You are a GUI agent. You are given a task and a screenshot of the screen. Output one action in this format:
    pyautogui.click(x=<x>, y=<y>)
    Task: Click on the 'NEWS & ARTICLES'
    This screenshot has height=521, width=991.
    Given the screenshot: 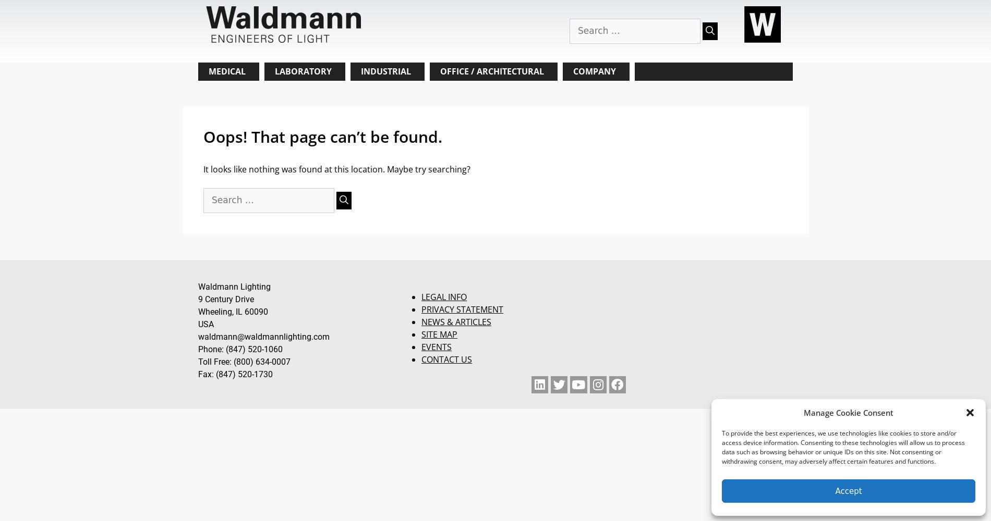 What is the action you would take?
    pyautogui.click(x=455, y=321)
    